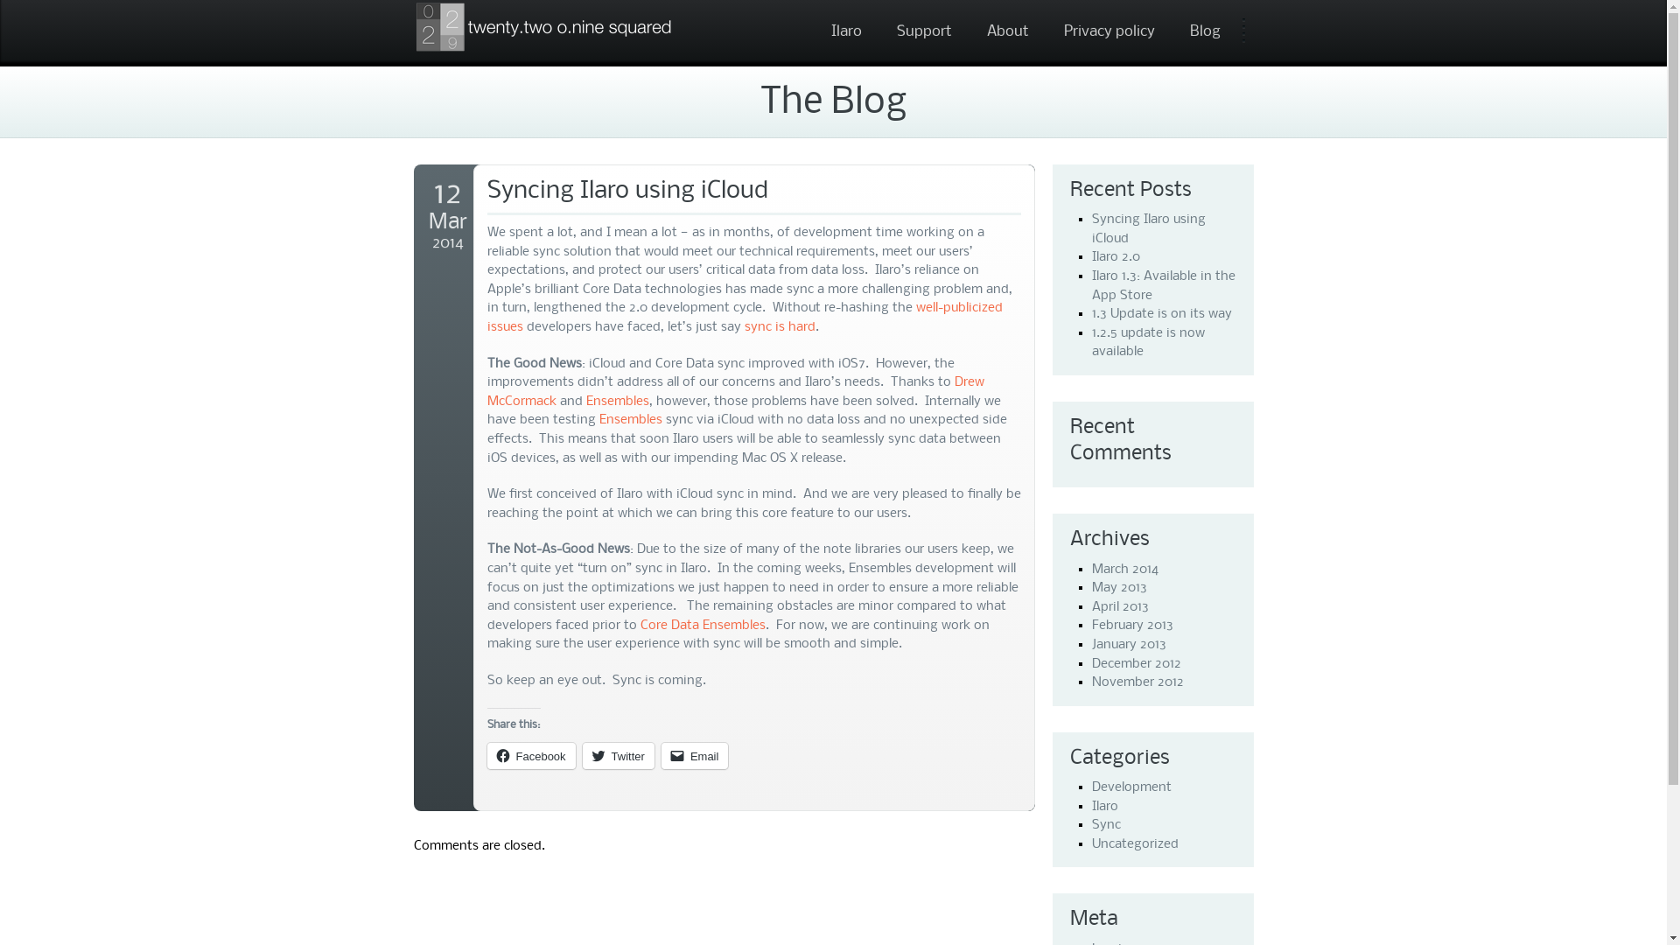 This screenshot has height=945, width=1680. Describe the element at coordinates (1103, 806) in the screenshot. I see `'Ilaro'` at that location.